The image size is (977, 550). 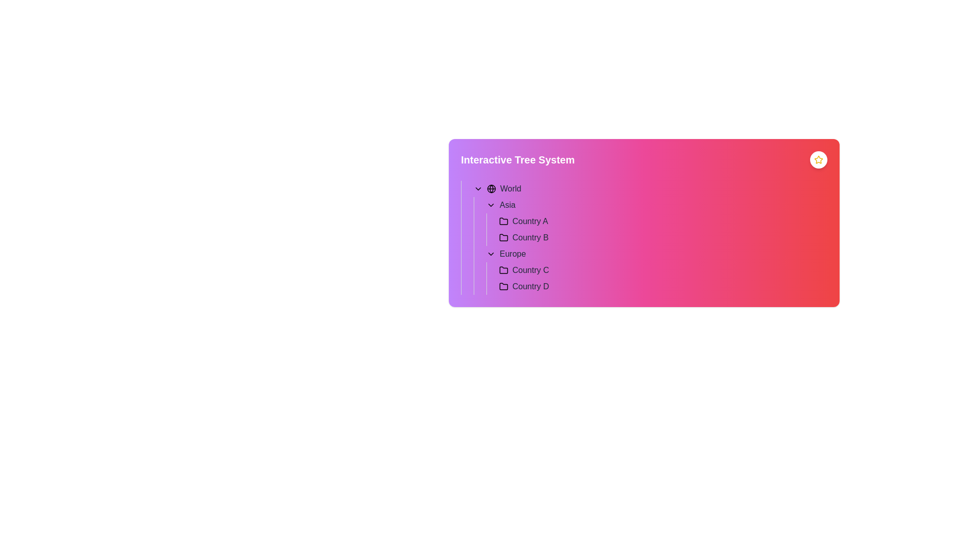 What do you see at coordinates (491, 188) in the screenshot?
I see `the small globe icon located slightly left of the 'World' text label` at bounding box center [491, 188].